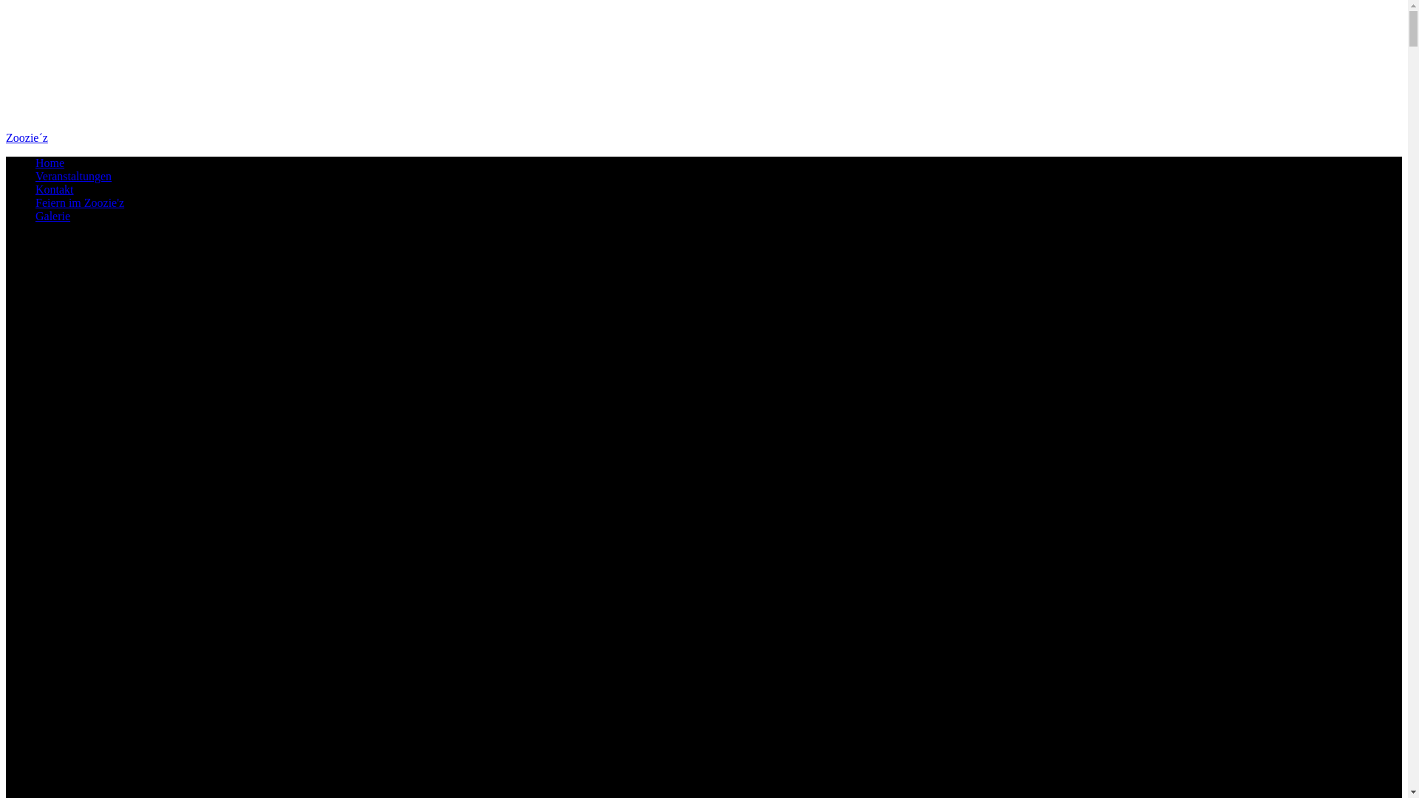 This screenshot has height=798, width=1419. I want to click on 'Kontakt', so click(54, 188).